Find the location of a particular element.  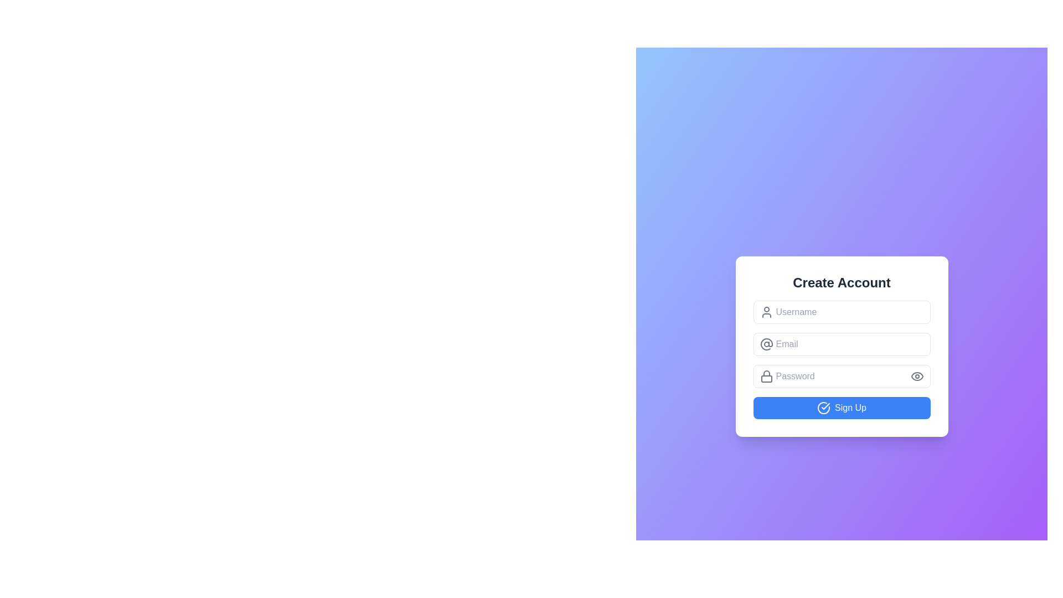

the blue 'Sign Up' button with a white checkmark icon is located at coordinates (842, 408).